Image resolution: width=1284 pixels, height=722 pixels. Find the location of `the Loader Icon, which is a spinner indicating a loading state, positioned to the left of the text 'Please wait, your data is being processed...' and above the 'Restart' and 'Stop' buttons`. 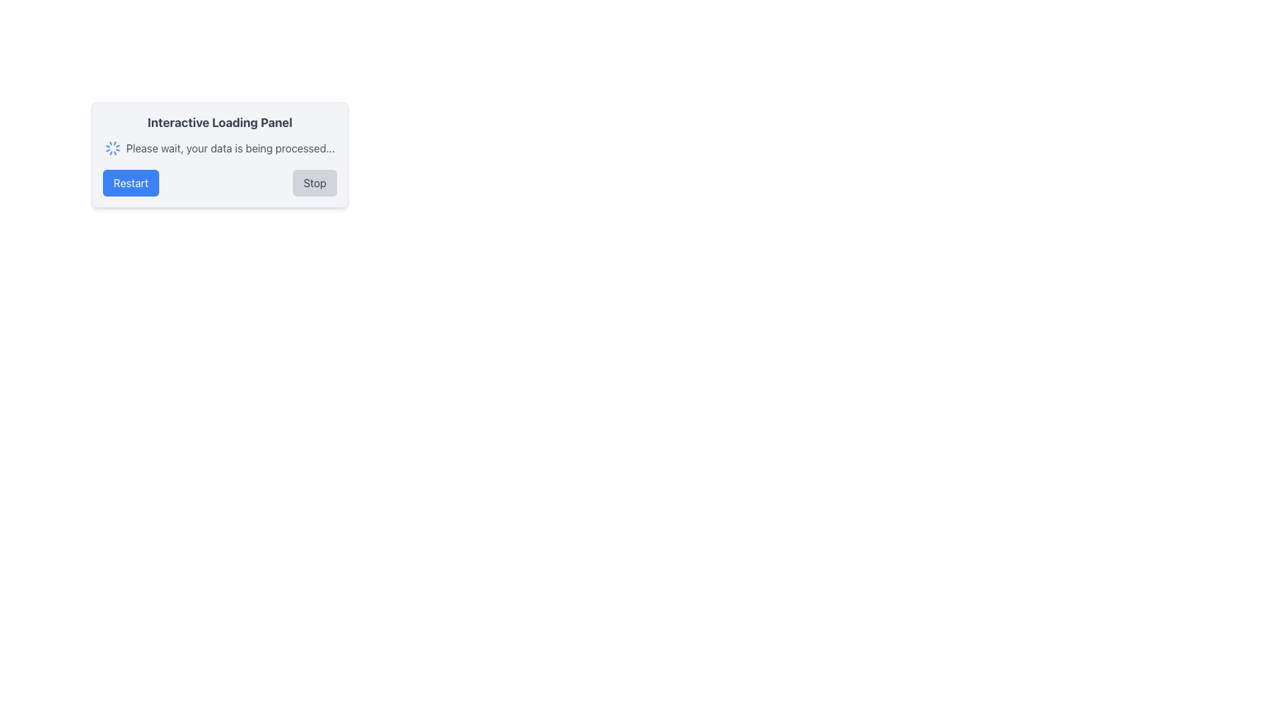

the Loader Icon, which is a spinner indicating a loading state, positioned to the left of the text 'Please wait, your data is being processed...' and above the 'Restart' and 'Stop' buttons is located at coordinates (112, 148).